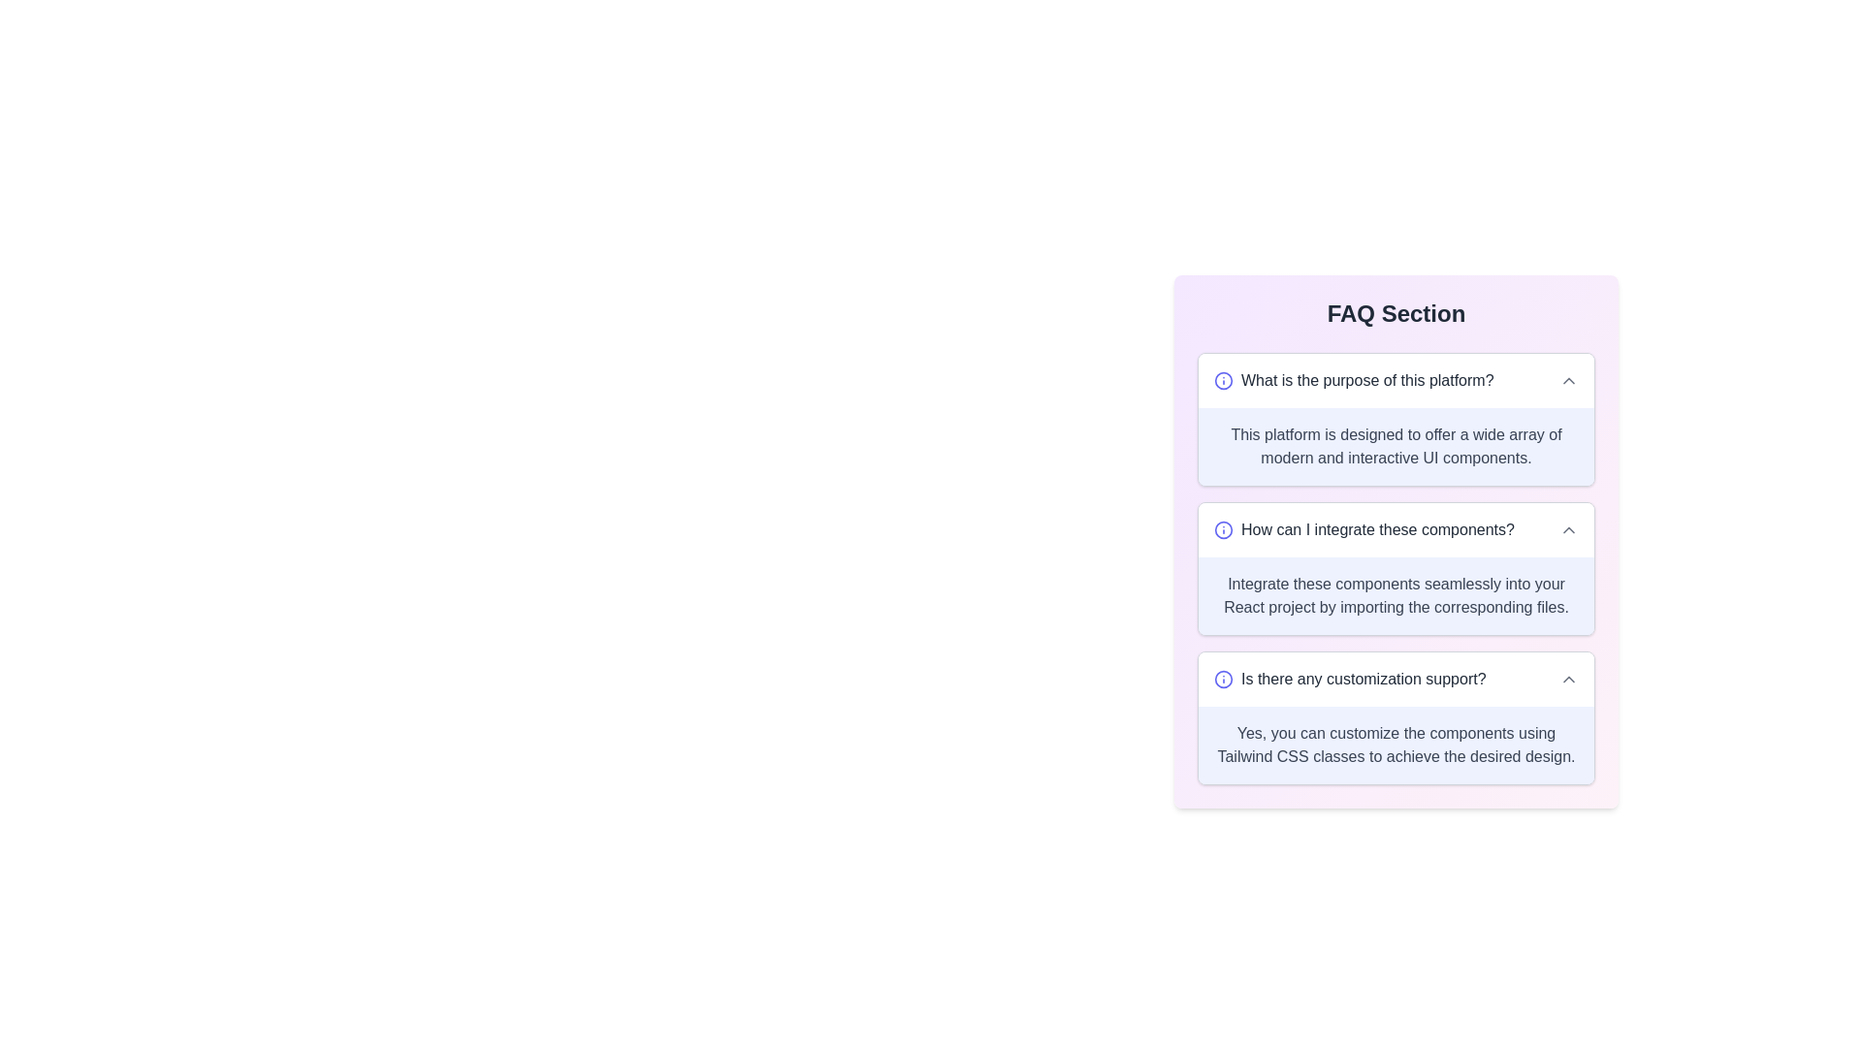  Describe the element at coordinates (1568, 679) in the screenshot. I see `the upward-pointing chevron icon located to the right of the text 'Is there any customization support?' in the FAQ card` at that location.